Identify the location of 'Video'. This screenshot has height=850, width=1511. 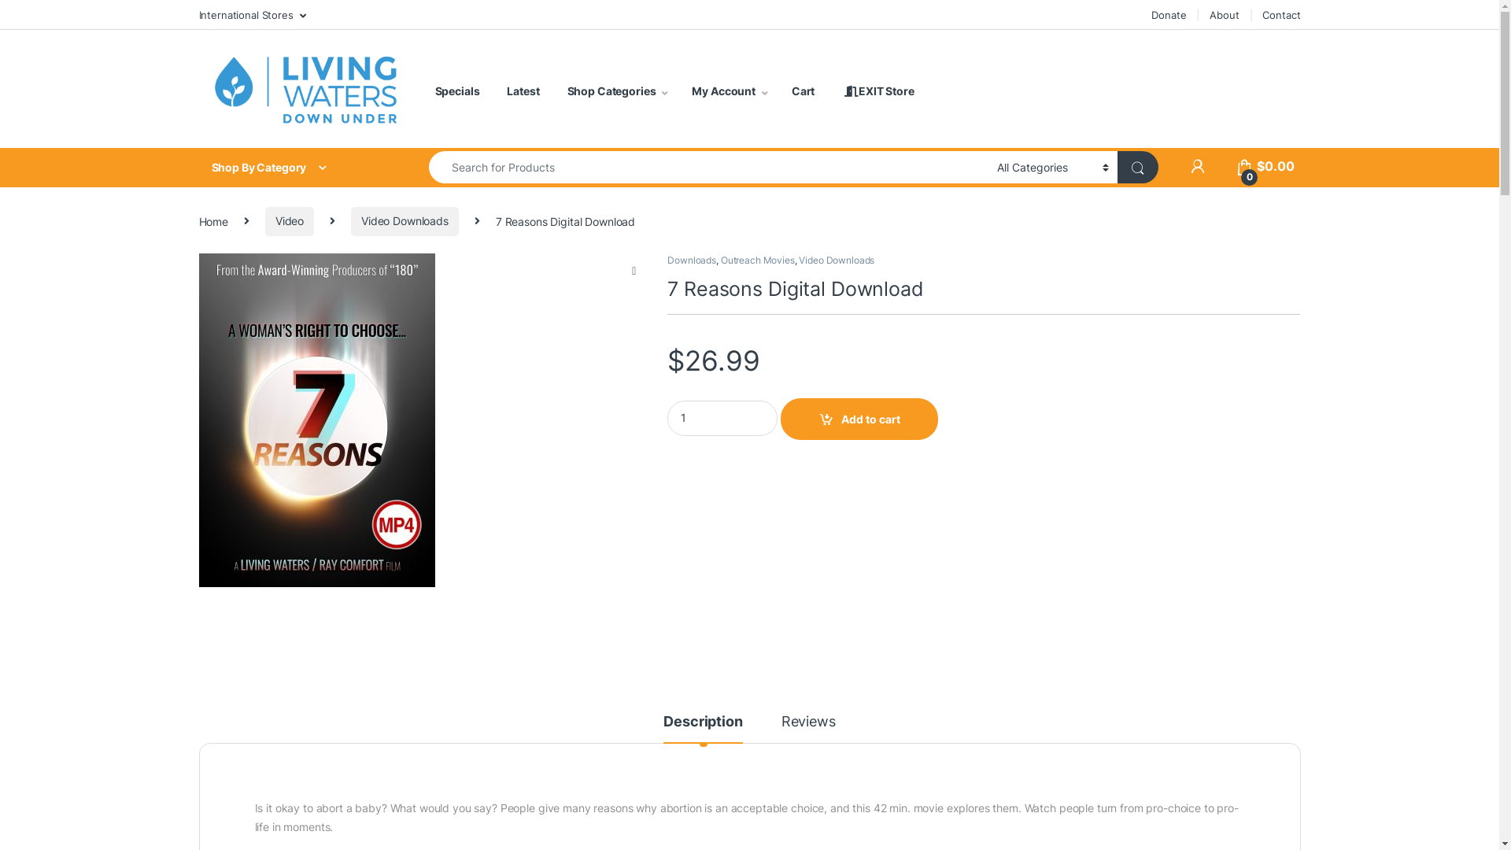
(290, 221).